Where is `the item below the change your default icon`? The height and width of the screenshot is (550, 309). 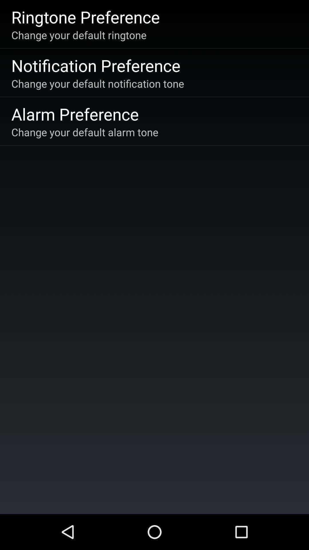 the item below the change your default icon is located at coordinates (75, 114).